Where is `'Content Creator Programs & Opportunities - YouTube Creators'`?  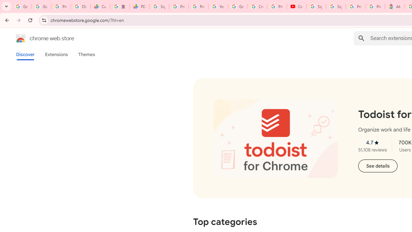
'Content Creator Programs & Opportunities - YouTube Creators' is located at coordinates (296, 6).